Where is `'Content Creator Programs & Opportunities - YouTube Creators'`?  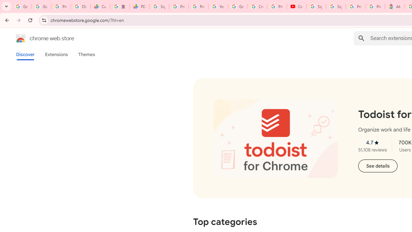
'Content Creator Programs & Opportunities - YouTube Creators' is located at coordinates (296, 6).